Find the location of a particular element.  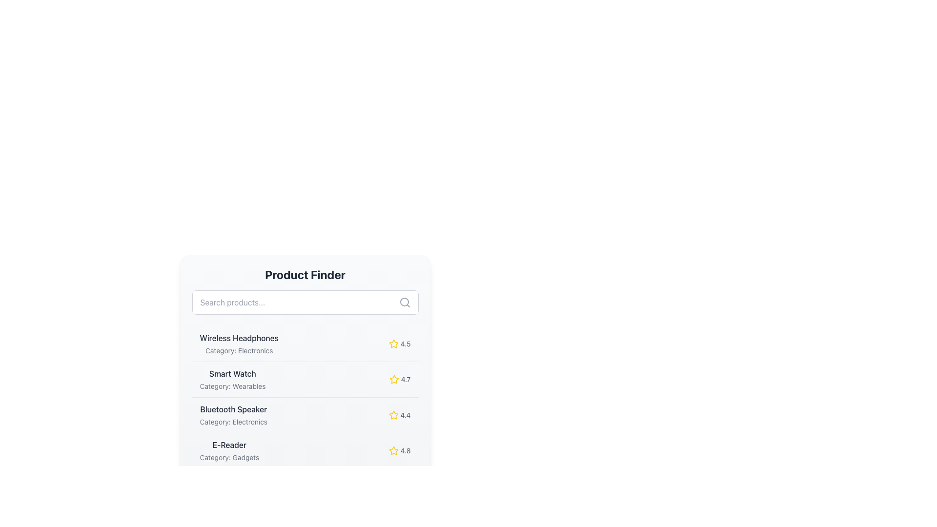

the star icon with a yellow hue, which indicates a rating symbol, positioned to the left of the text value '4.8' in a rating system is located at coordinates (393, 451).